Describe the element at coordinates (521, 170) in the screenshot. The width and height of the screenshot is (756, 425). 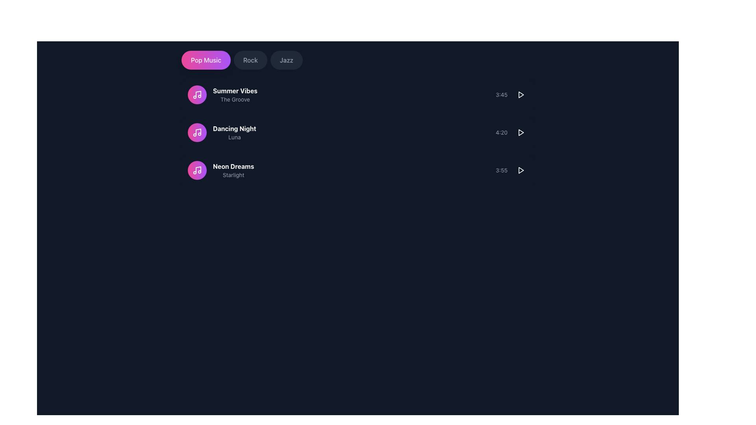
I see `the play button located in the rightmost section of the last row next to the text '3:55'` at that location.